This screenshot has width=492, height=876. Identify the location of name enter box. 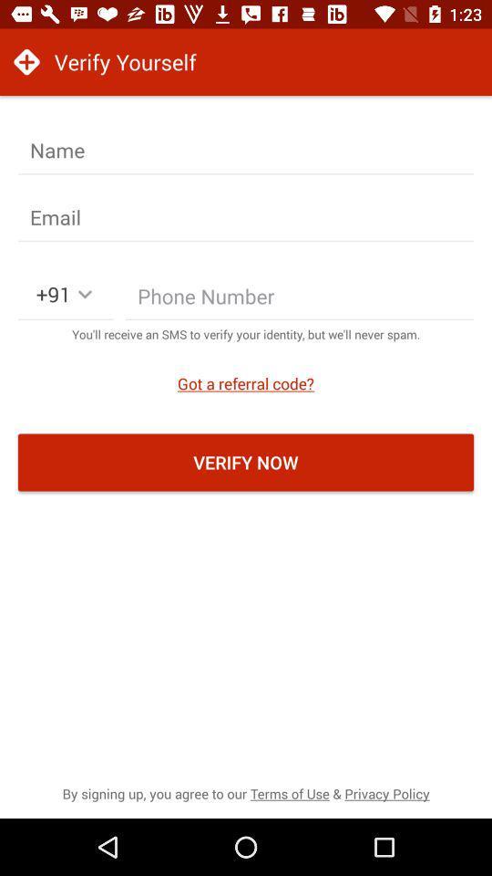
(246, 150).